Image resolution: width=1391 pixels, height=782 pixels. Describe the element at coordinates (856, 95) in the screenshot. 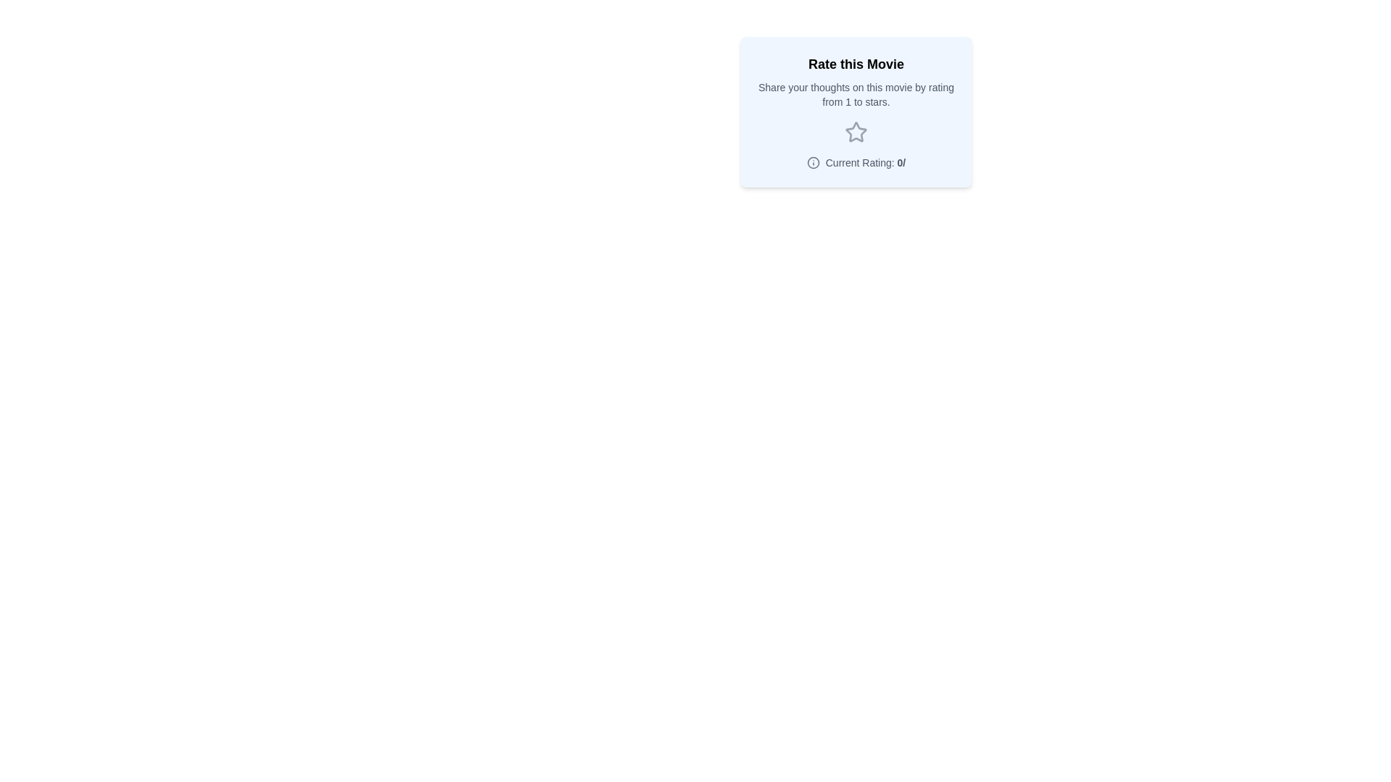

I see `the static text element that says 'Share your thoughts on this movie by rating from 1 to stars.' which is styled with a small gray font and positioned below the title 'Rate this Movie'` at that location.